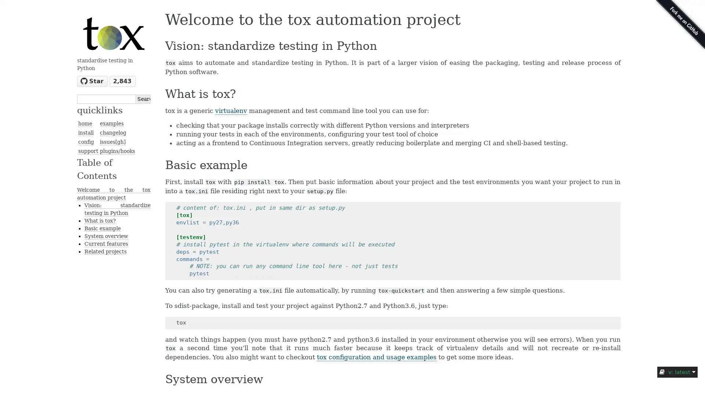  I want to click on Search, so click(143, 98).